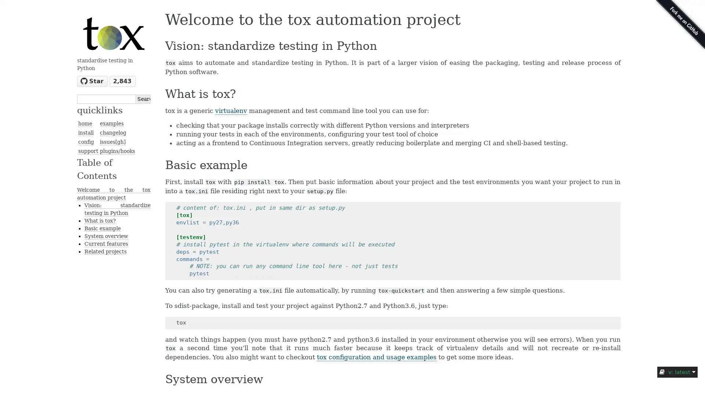  I want to click on Search, so click(143, 98).